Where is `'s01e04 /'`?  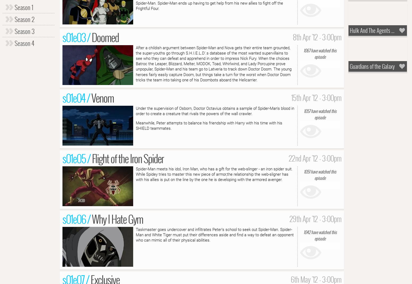 's01e04 /' is located at coordinates (77, 97).